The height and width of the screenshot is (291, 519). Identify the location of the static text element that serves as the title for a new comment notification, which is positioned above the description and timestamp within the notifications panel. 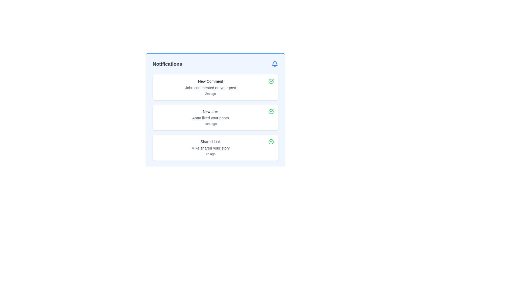
(210, 81).